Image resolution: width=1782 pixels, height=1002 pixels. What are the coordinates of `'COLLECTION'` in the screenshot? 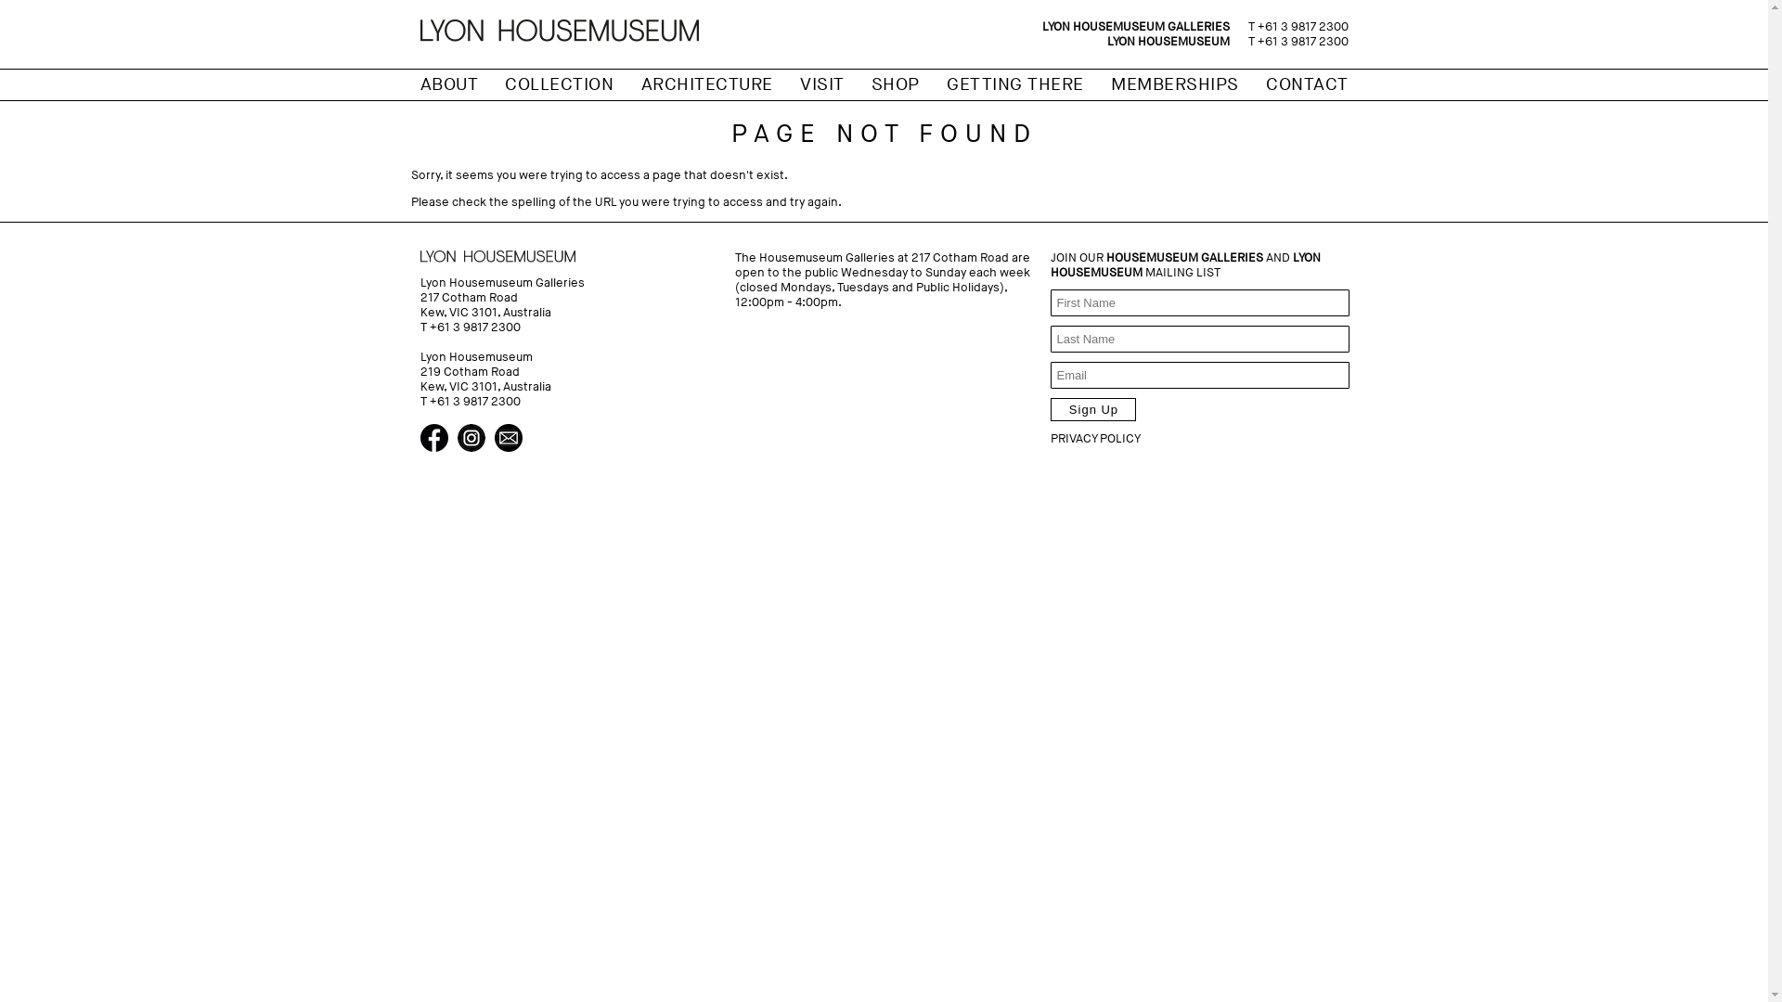 It's located at (558, 84).